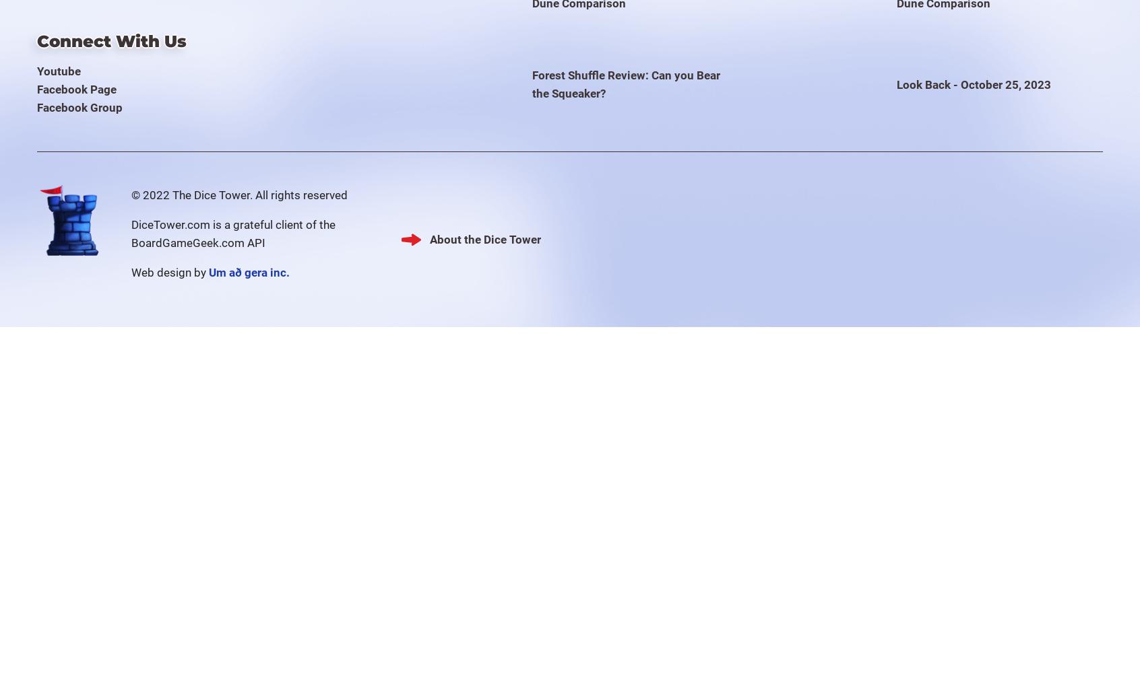 This screenshot has width=1140, height=673. What do you see at coordinates (232, 232) in the screenshot?
I see `'DiceTower.com is a grateful client of the BoardGameGeek.com API'` at bounding box center [232, 232].